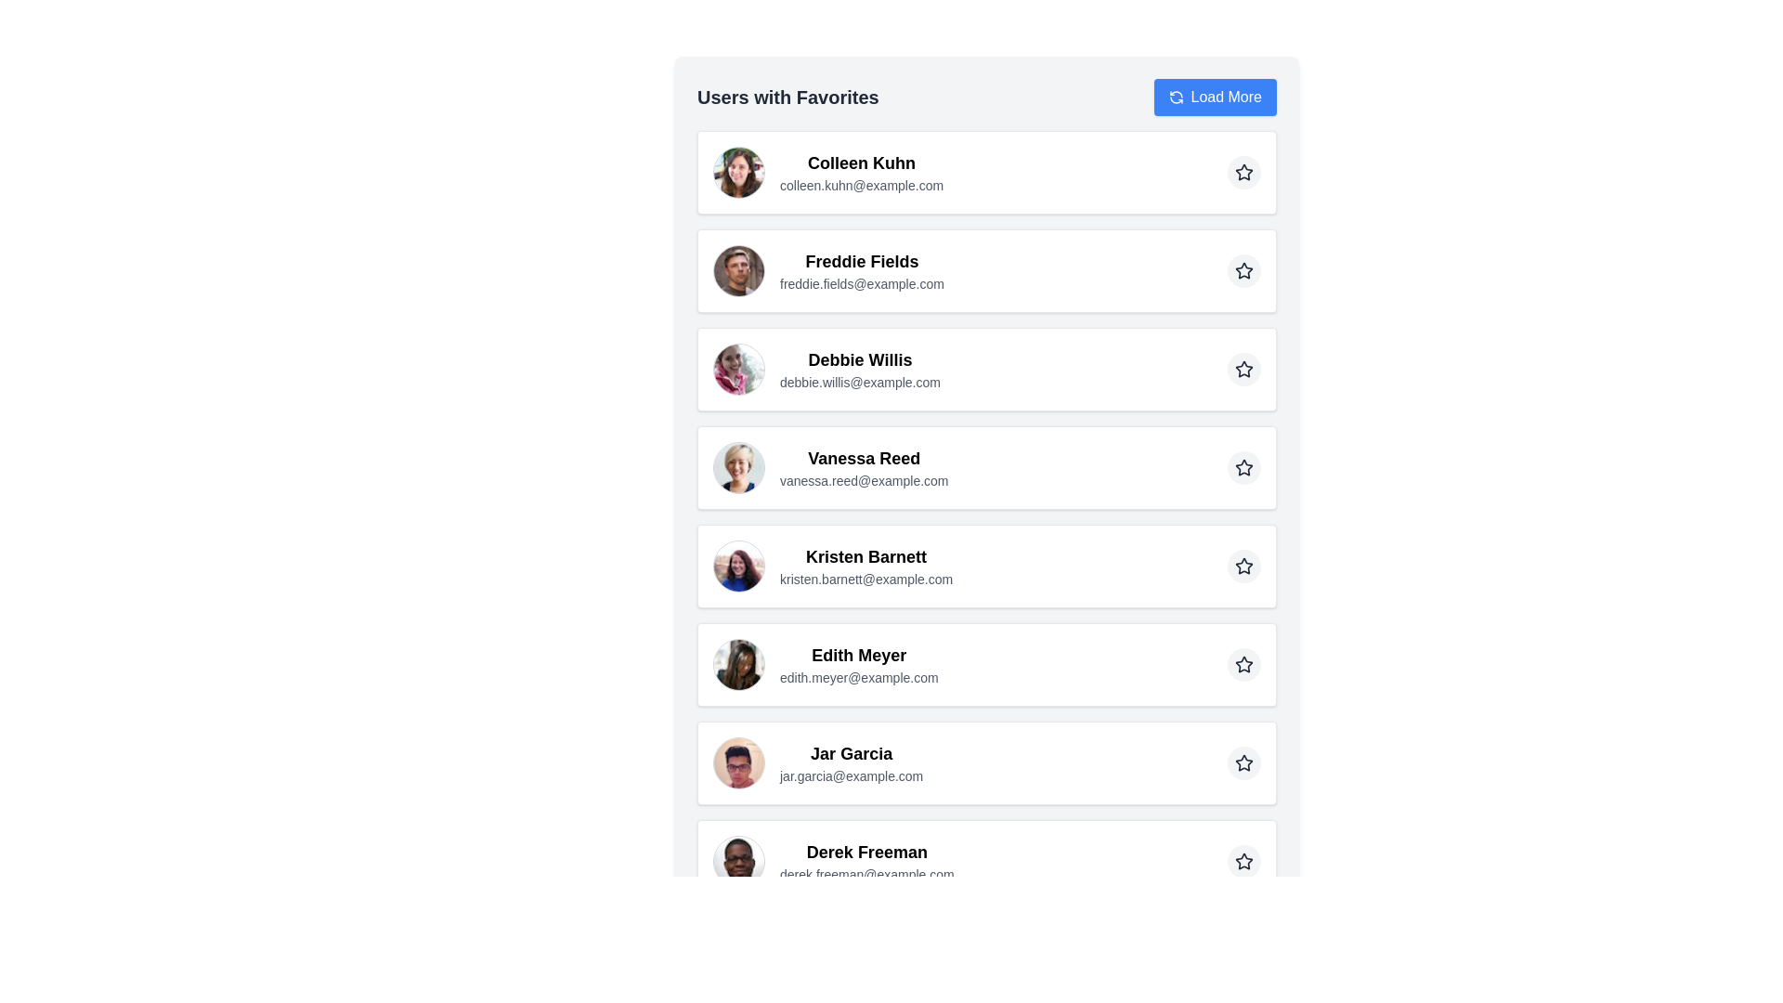  I want to click on the circular profile picture of the user, which is the fifth item, so click(738, 565).